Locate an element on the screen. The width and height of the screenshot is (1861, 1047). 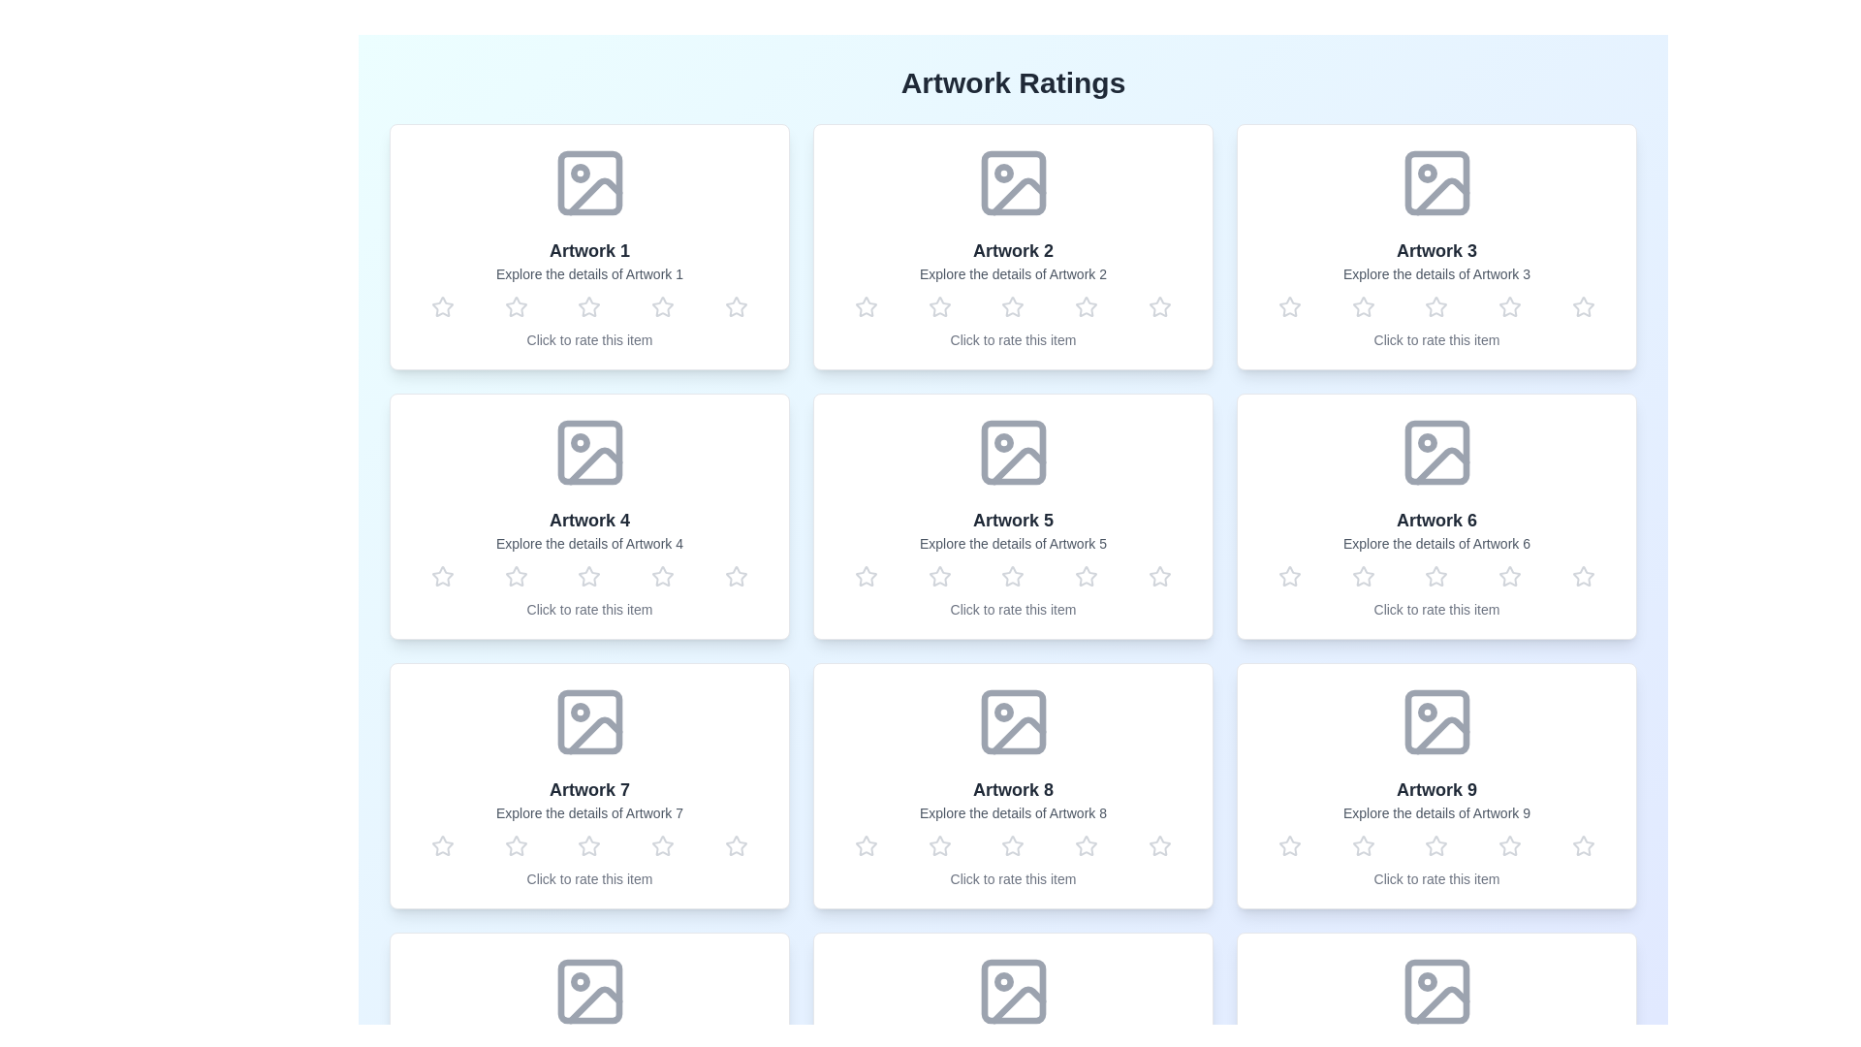
the rating of an artwork to 3 stars by clicking on the corresponding star in the artwork's card is located at coordinates (588, 305).